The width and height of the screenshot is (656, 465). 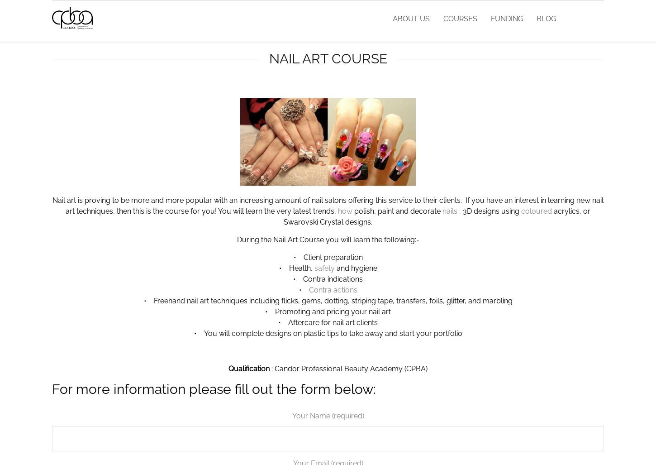 What do you see at coordinates (52, 388) in the screenshot?
I see `'For more information please fill out the form below:'` at bounding box center [52, 388].